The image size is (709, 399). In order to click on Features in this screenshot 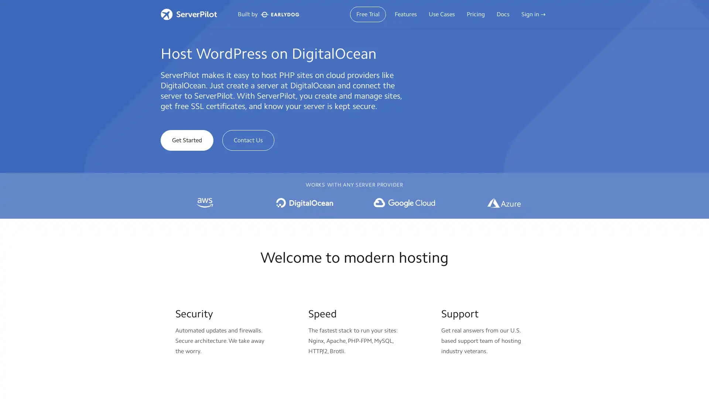, I will do `click(405, 14)`.